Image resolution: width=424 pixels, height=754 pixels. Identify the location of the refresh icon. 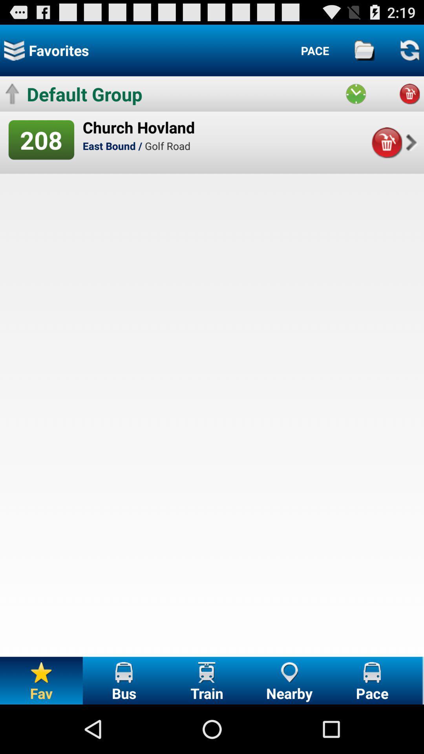
(409, 53).